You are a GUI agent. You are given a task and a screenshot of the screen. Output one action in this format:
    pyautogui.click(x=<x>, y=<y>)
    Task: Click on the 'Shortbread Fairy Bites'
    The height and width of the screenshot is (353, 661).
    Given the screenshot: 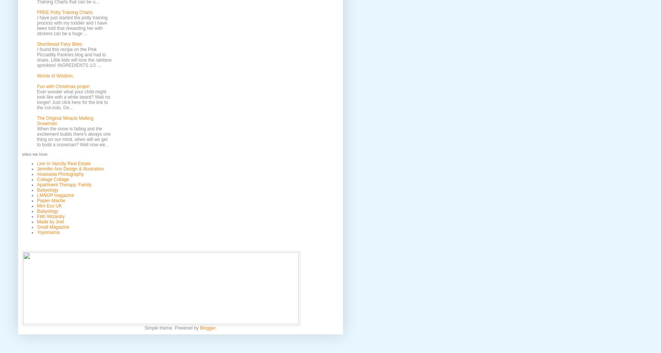 What is the action you would take?
    pyautogui.click(x=59, y=43)
    